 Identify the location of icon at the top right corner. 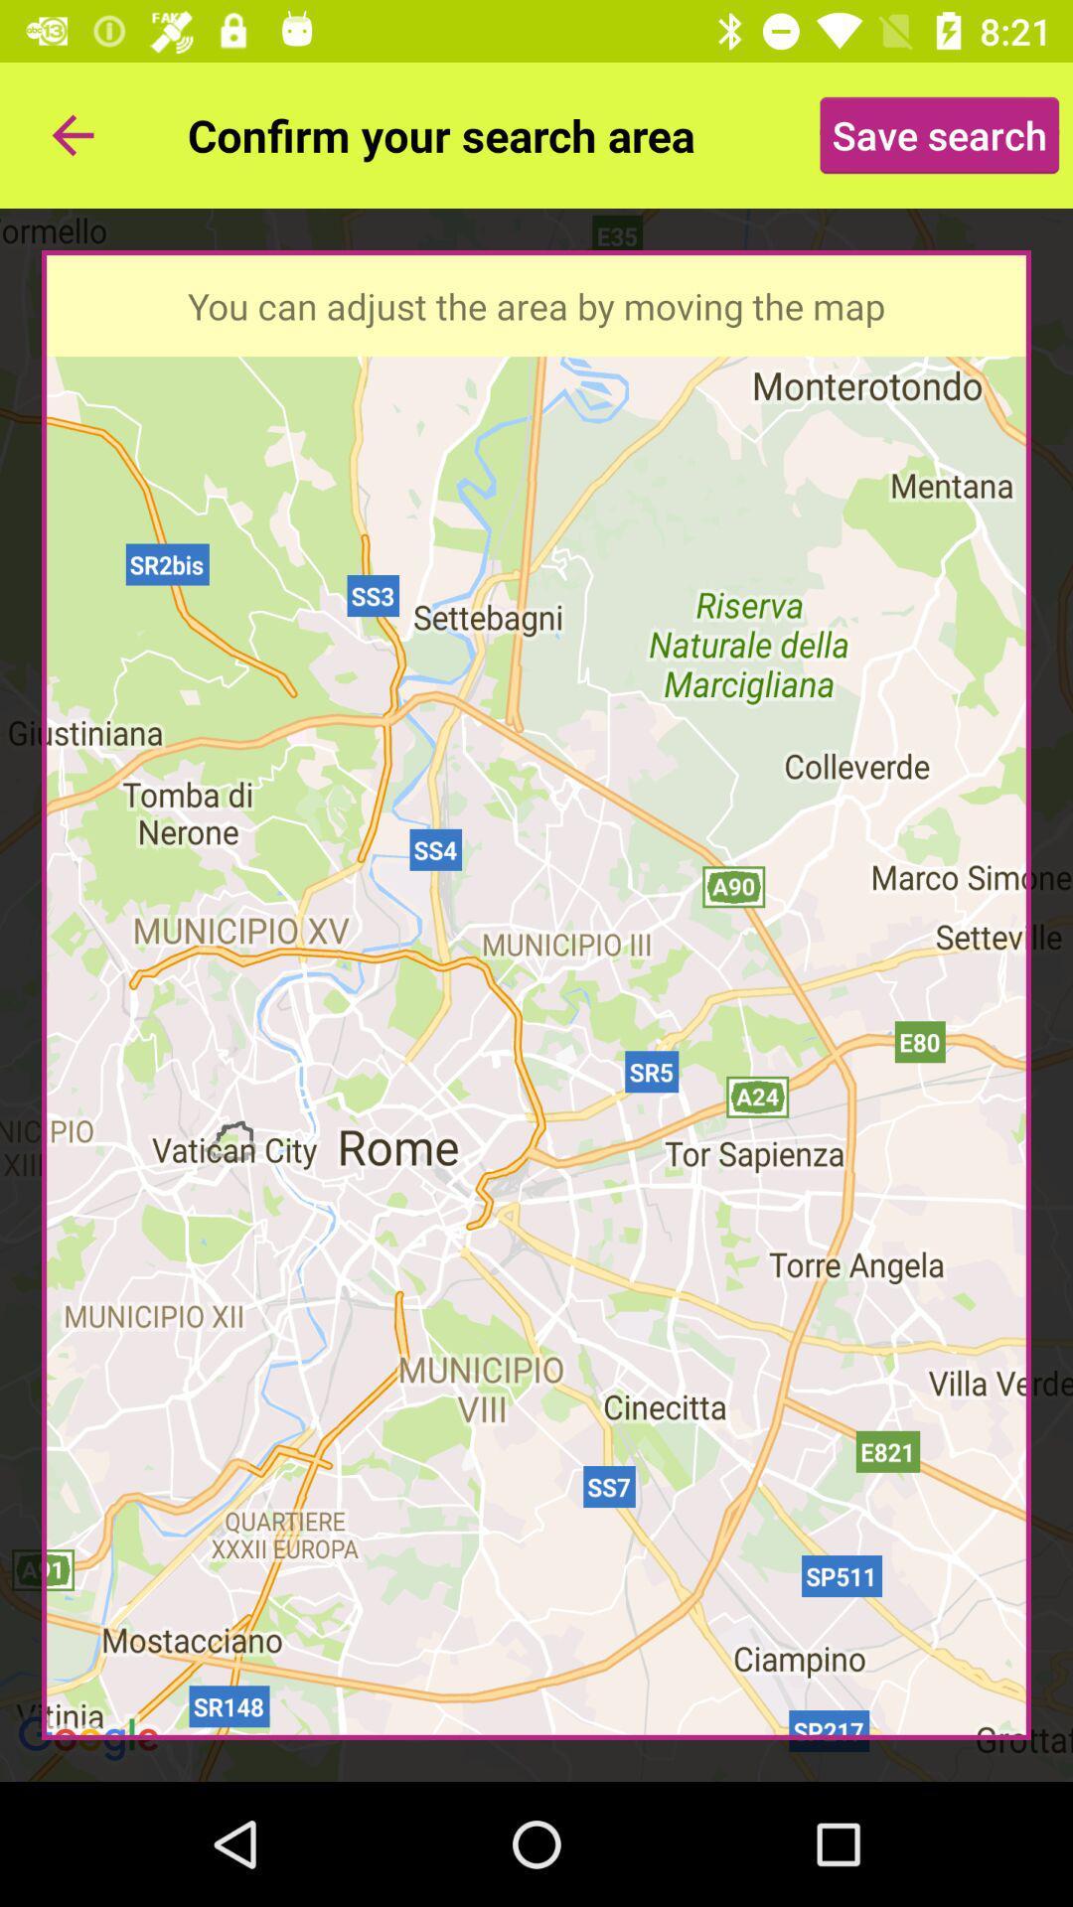
(939, 134).